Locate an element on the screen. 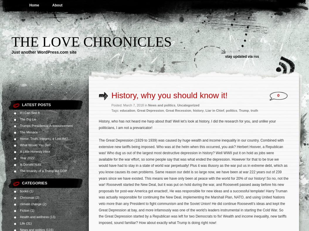 The image size is (309, 231). 'Great Depression' is located at coordinates (150, 110).